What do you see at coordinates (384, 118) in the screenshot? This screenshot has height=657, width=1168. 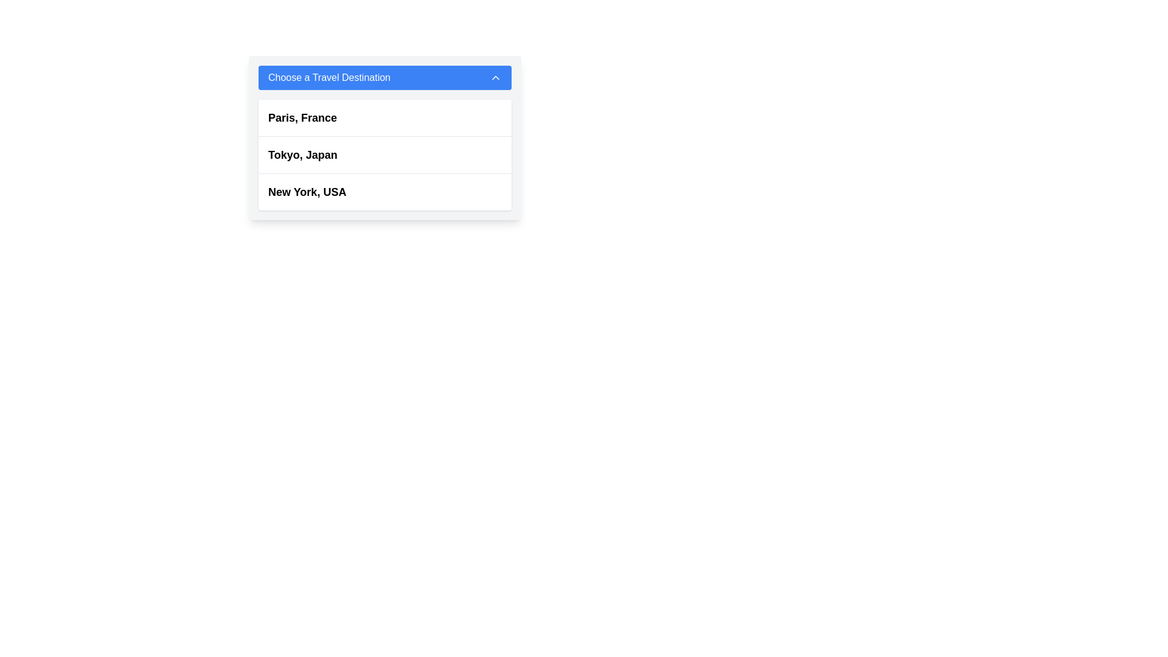 I see `the List Item displaying 'Paris, France'` at bounding box center [384, 118].